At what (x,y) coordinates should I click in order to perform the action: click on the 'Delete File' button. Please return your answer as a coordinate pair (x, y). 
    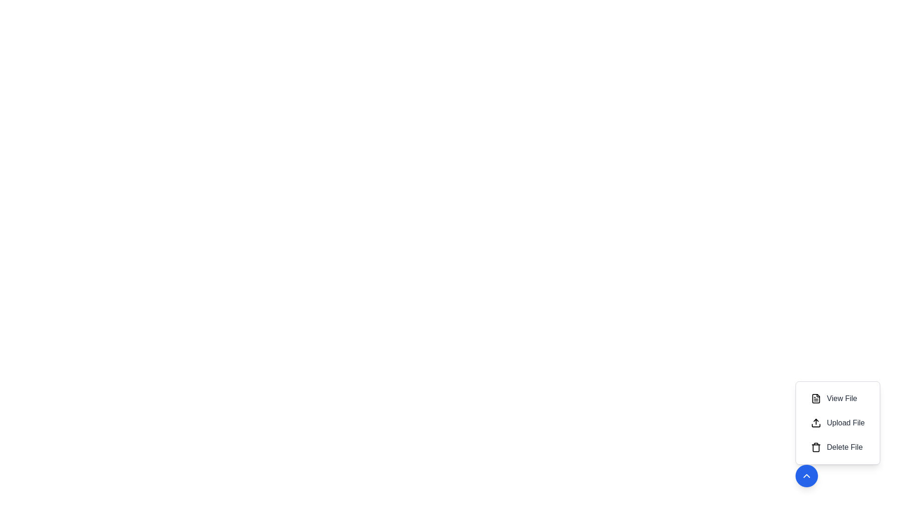
    Looking at the image, I should click on (838, 447).